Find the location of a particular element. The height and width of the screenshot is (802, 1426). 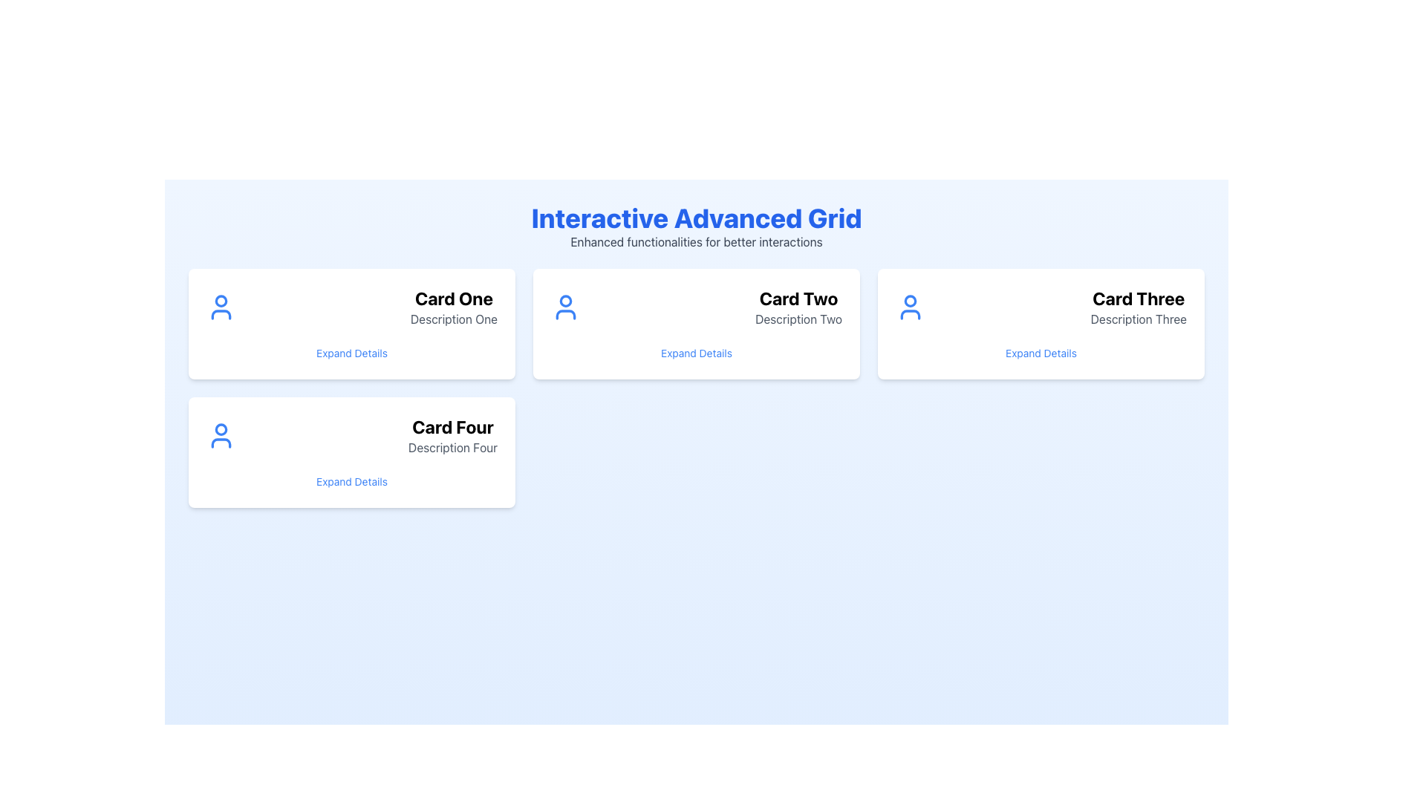

the main title or heading text in the left card, located in the second row of the grid layout, if it is interactive is located at coordinates (452, 426).